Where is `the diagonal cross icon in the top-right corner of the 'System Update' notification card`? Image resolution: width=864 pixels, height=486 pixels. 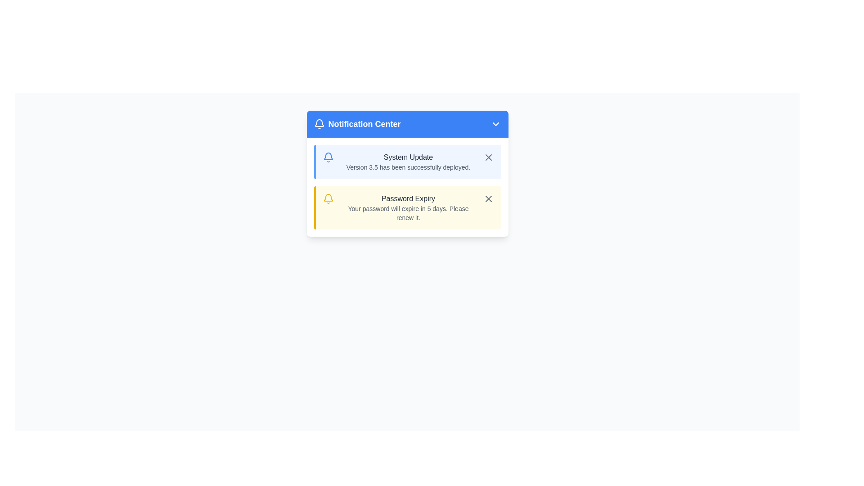 the diagonal cross icon in the top-right corner of the 'System Update' notification card is located at coordinates (488, 198).